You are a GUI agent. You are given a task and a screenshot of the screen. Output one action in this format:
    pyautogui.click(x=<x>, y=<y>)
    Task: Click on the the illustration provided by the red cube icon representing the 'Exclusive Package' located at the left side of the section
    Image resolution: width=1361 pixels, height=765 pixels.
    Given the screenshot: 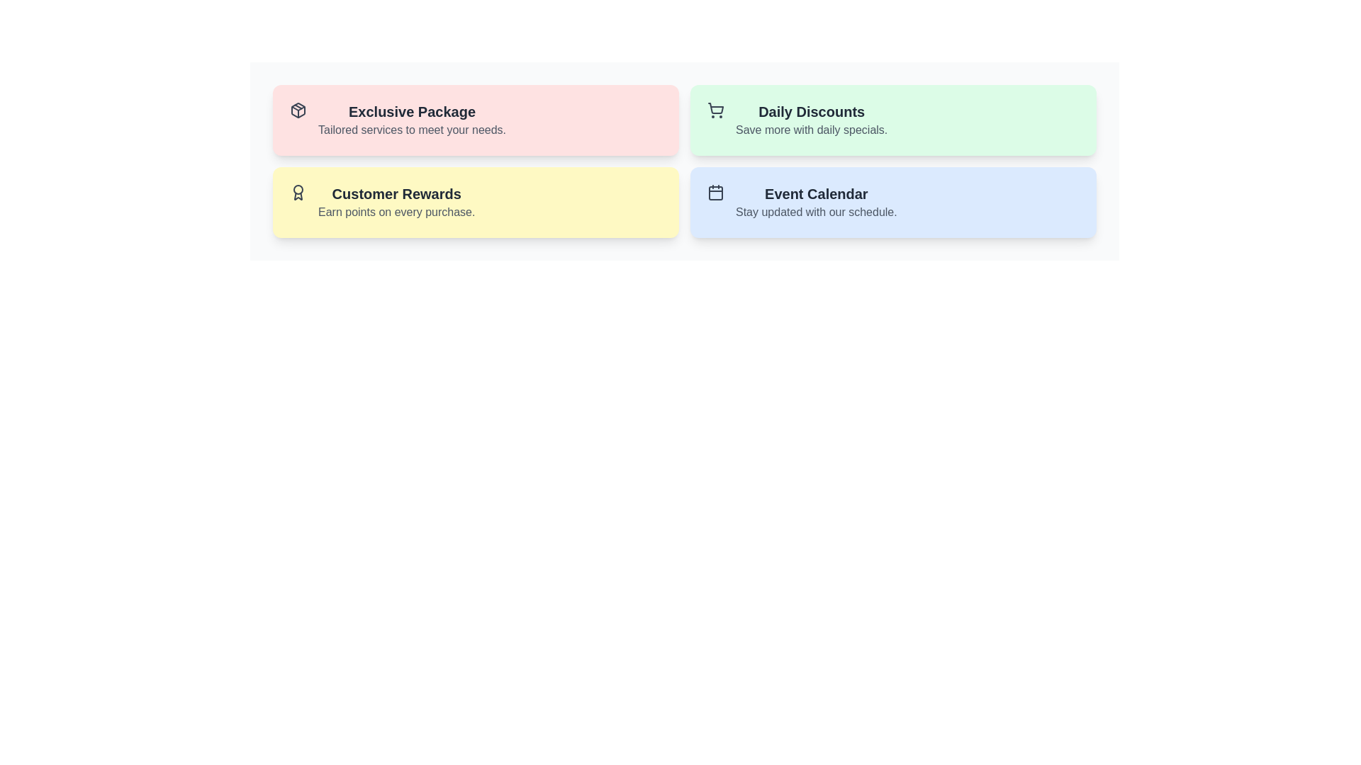 What is the action you would take?
    pyautogui.click(x=298, y=109)
    